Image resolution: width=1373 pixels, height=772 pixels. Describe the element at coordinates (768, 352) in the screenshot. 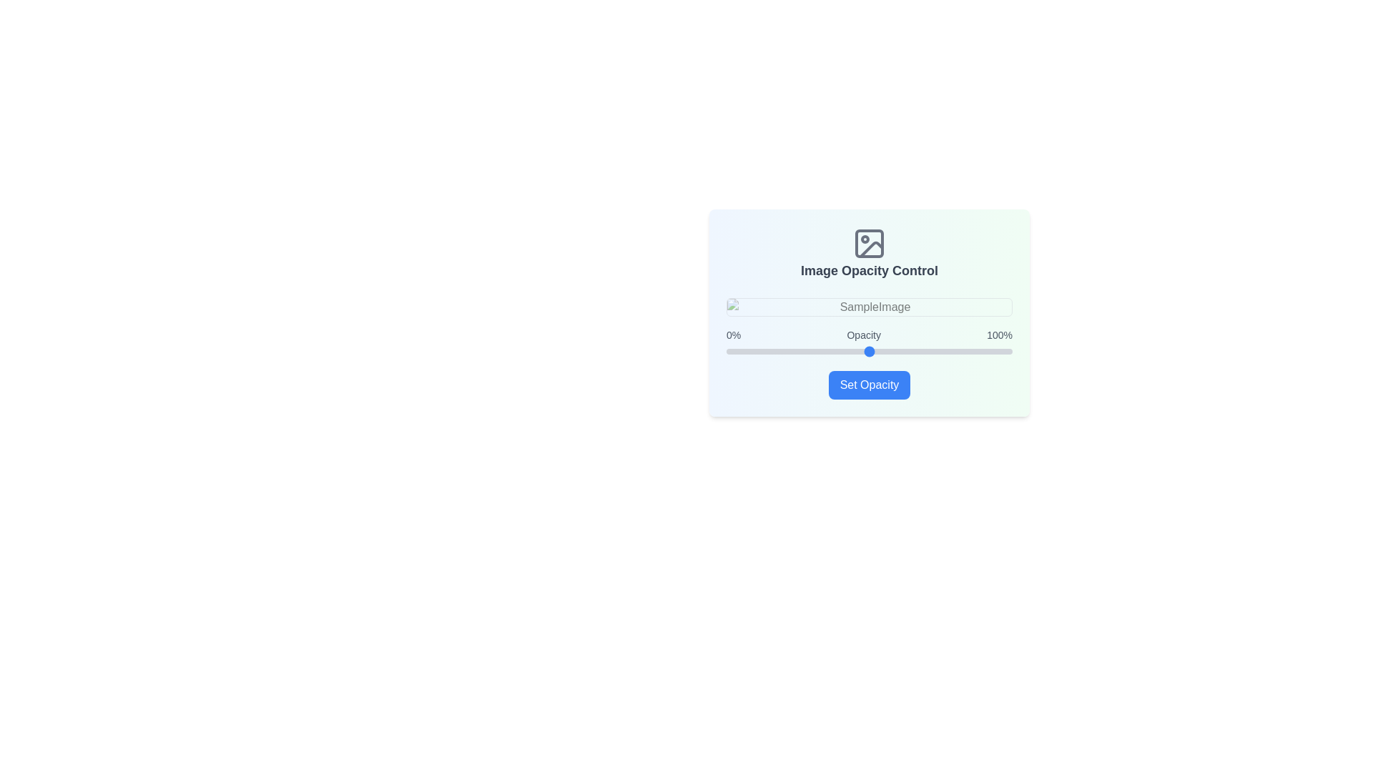

I see `the opacity slider to set the opacity to 15%` at that location.